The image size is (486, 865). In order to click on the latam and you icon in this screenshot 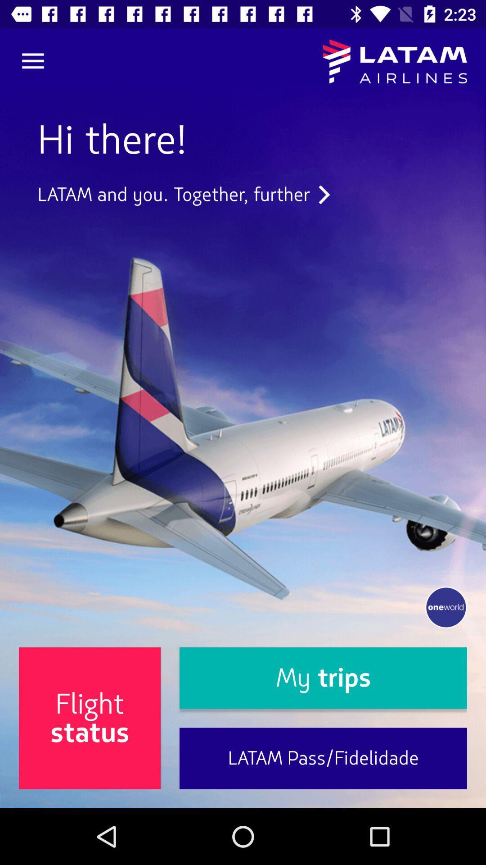, I will do `click(183, 194)`.